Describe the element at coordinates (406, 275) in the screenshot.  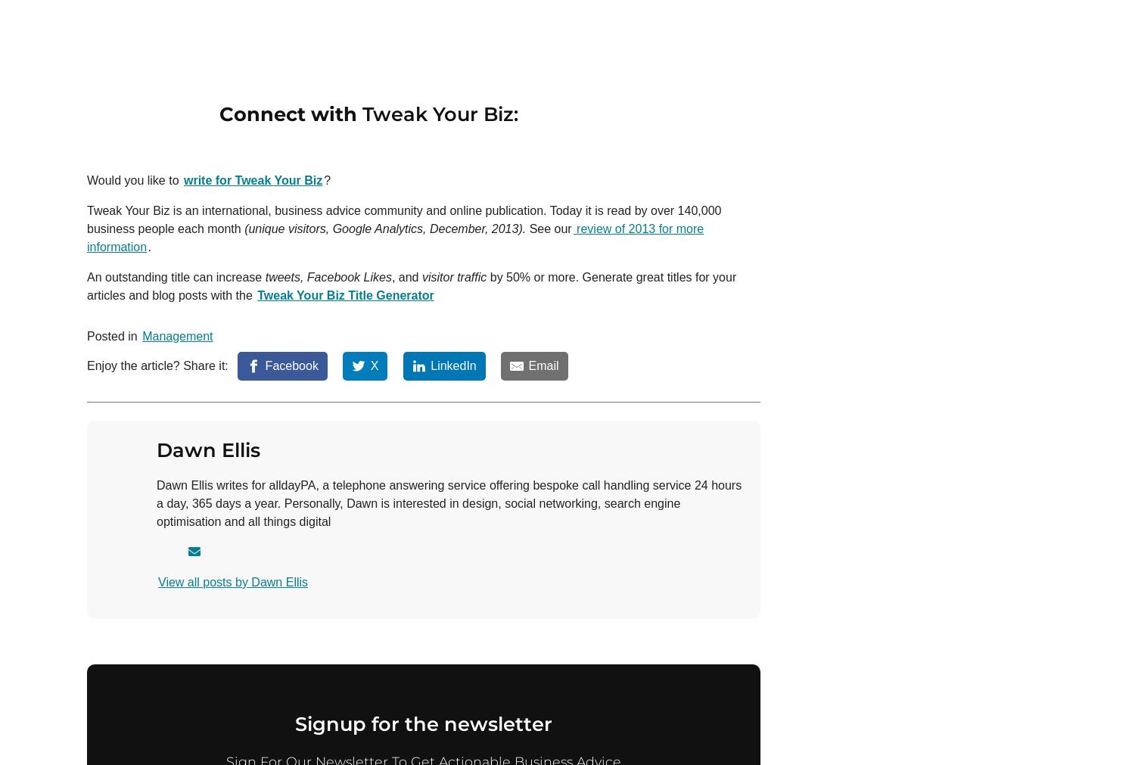
I see `', and'` at that location.